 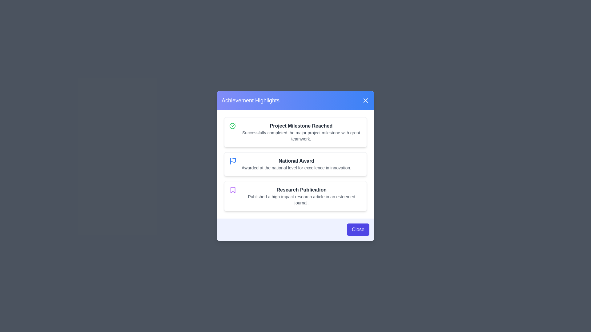 I want to click on the bookmark icon representing the achievement of publishing a research article, which is the third icon in the vertical list of achievements displayed in the modal window, so click(x=232, y=189).